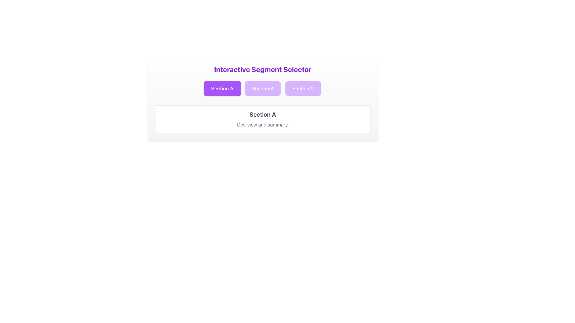  Describe the element at coordinates (263, 89) in the screenshot. I see `the centrally located button that triggers the display of 'Section B' in the interface` at that location.